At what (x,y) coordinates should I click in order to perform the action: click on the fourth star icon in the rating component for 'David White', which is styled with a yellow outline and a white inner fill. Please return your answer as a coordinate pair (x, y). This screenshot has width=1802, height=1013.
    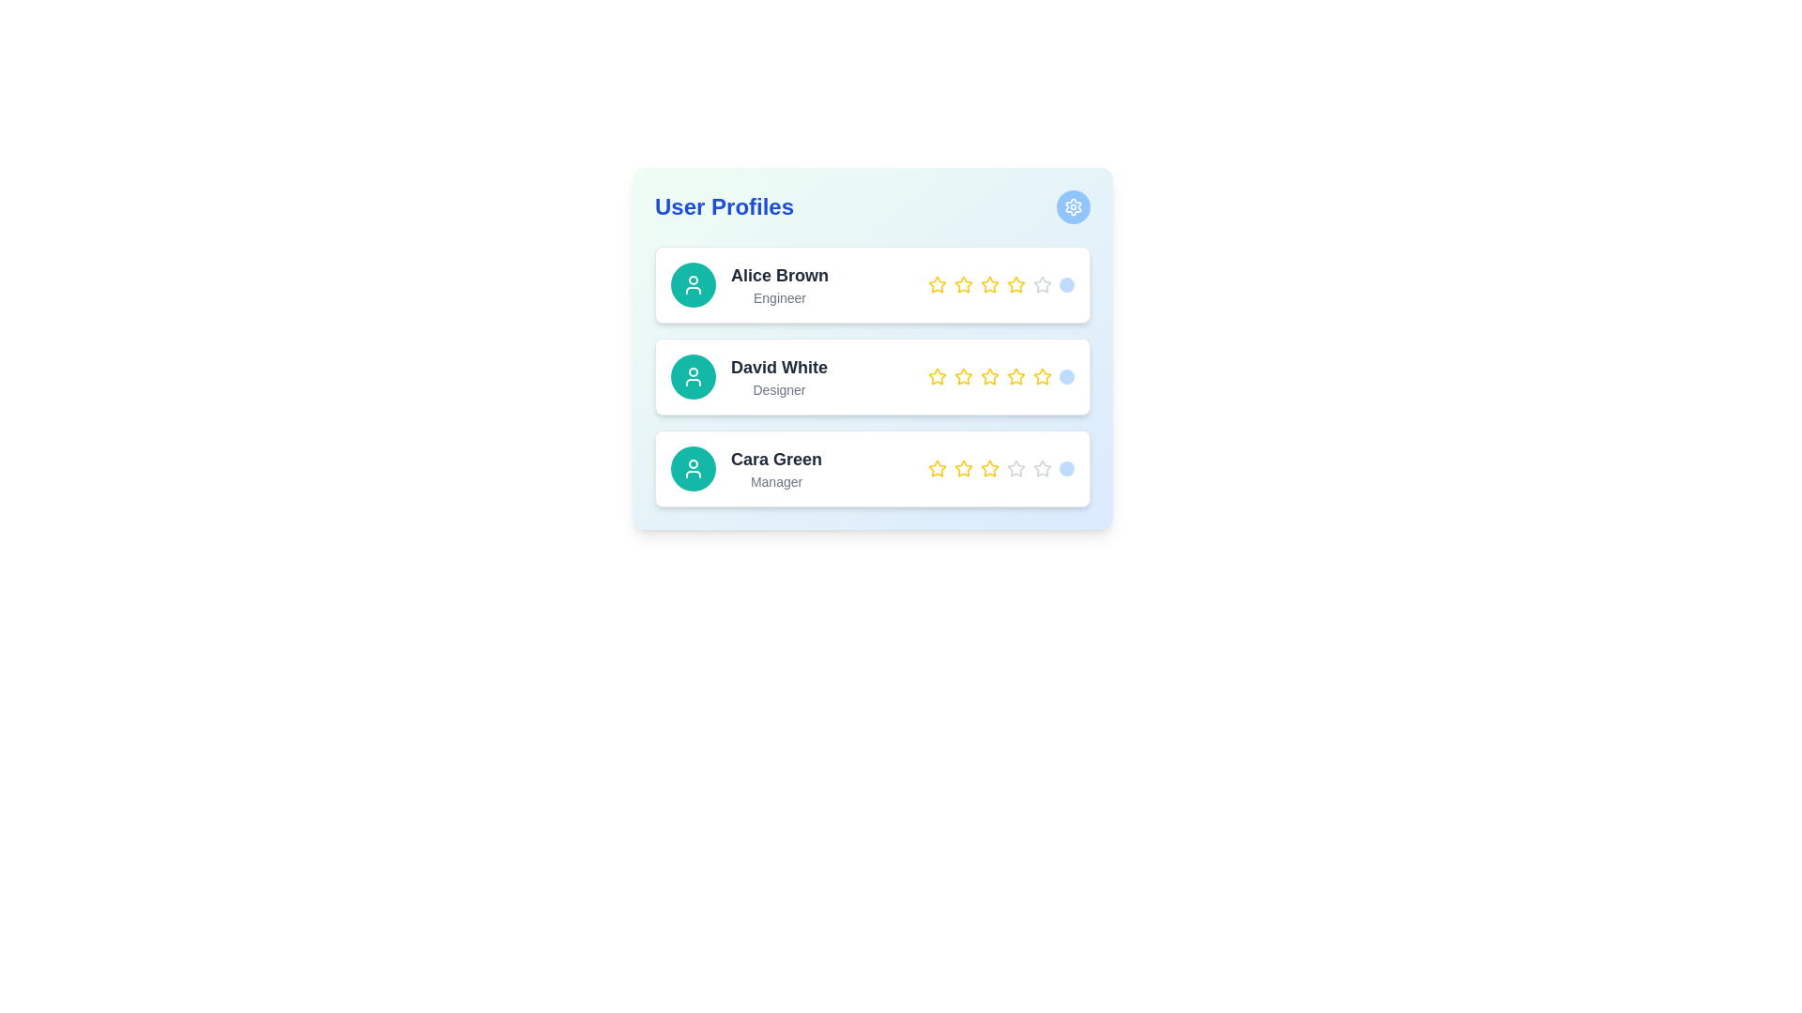
    Looking at the image, I should click on (1041, 376).